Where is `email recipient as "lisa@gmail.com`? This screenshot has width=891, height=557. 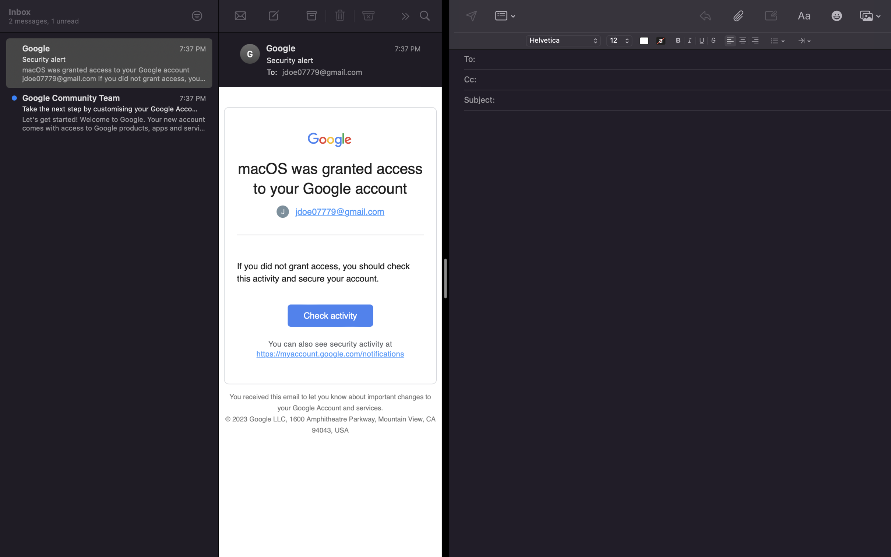 email recipient as "lisa@gmail.com is located at coordinates (683, 60).